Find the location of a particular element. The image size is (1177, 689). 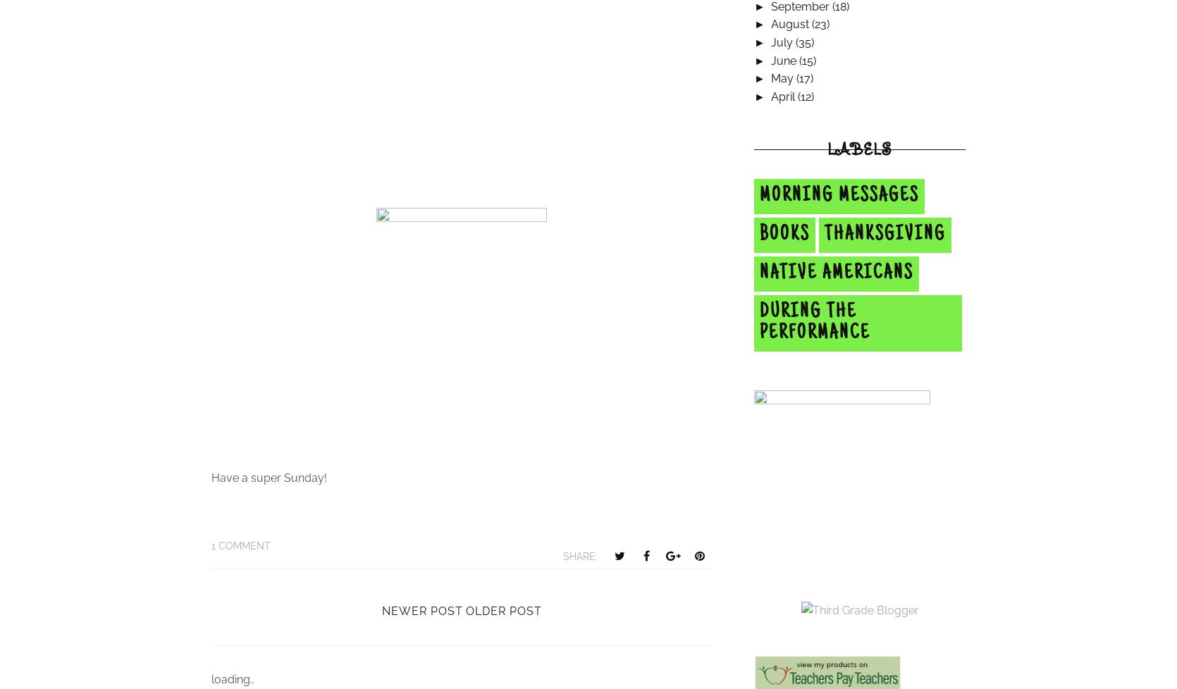

'Books' is located at coordinates (784, 234).